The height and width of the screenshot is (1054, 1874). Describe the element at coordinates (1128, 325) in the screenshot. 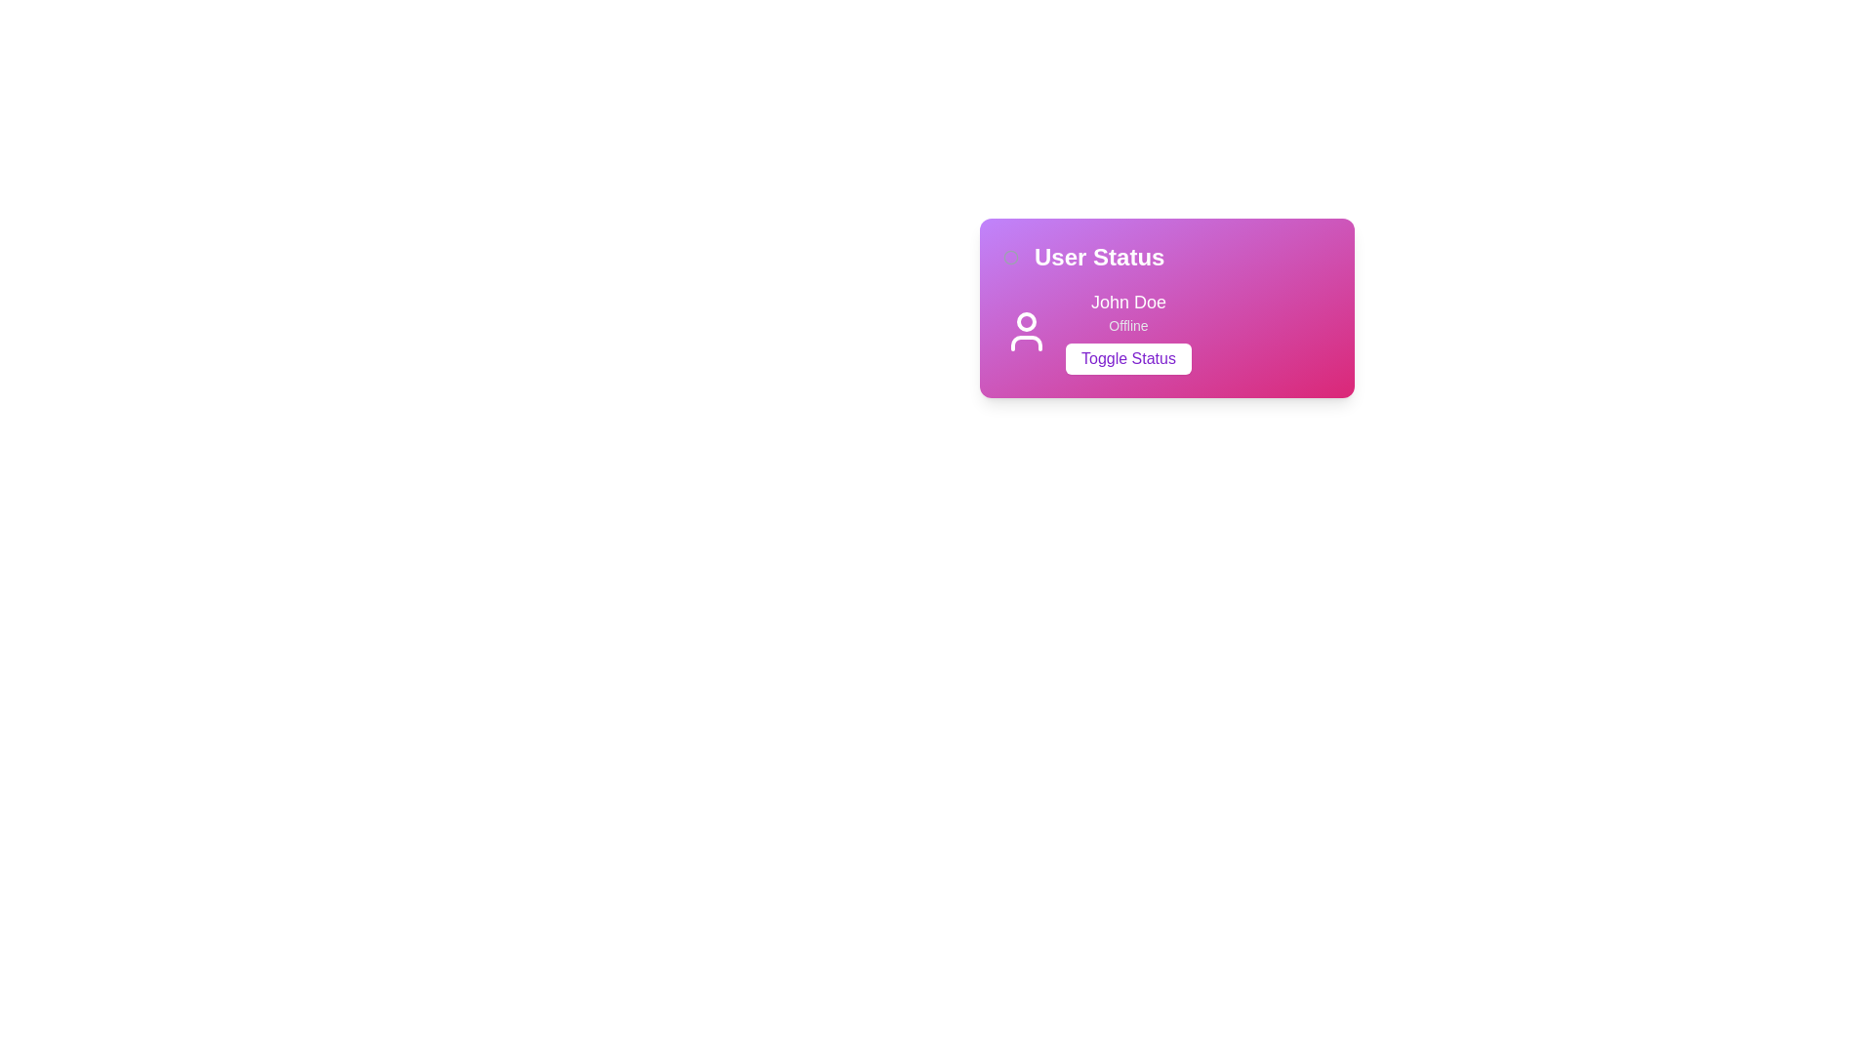

I see `the 'offline' status text label indicating John Doe's status, which is located in the User Status purple gradient card` at that location.